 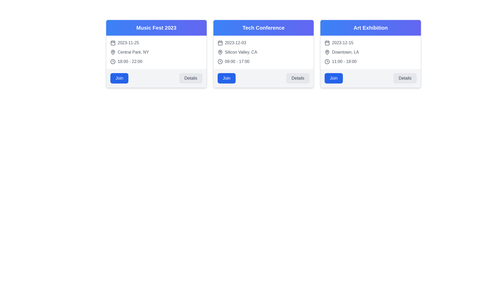 I want to click on the interest button for the 'Tech Conference' event, so click(x=226, y=78).